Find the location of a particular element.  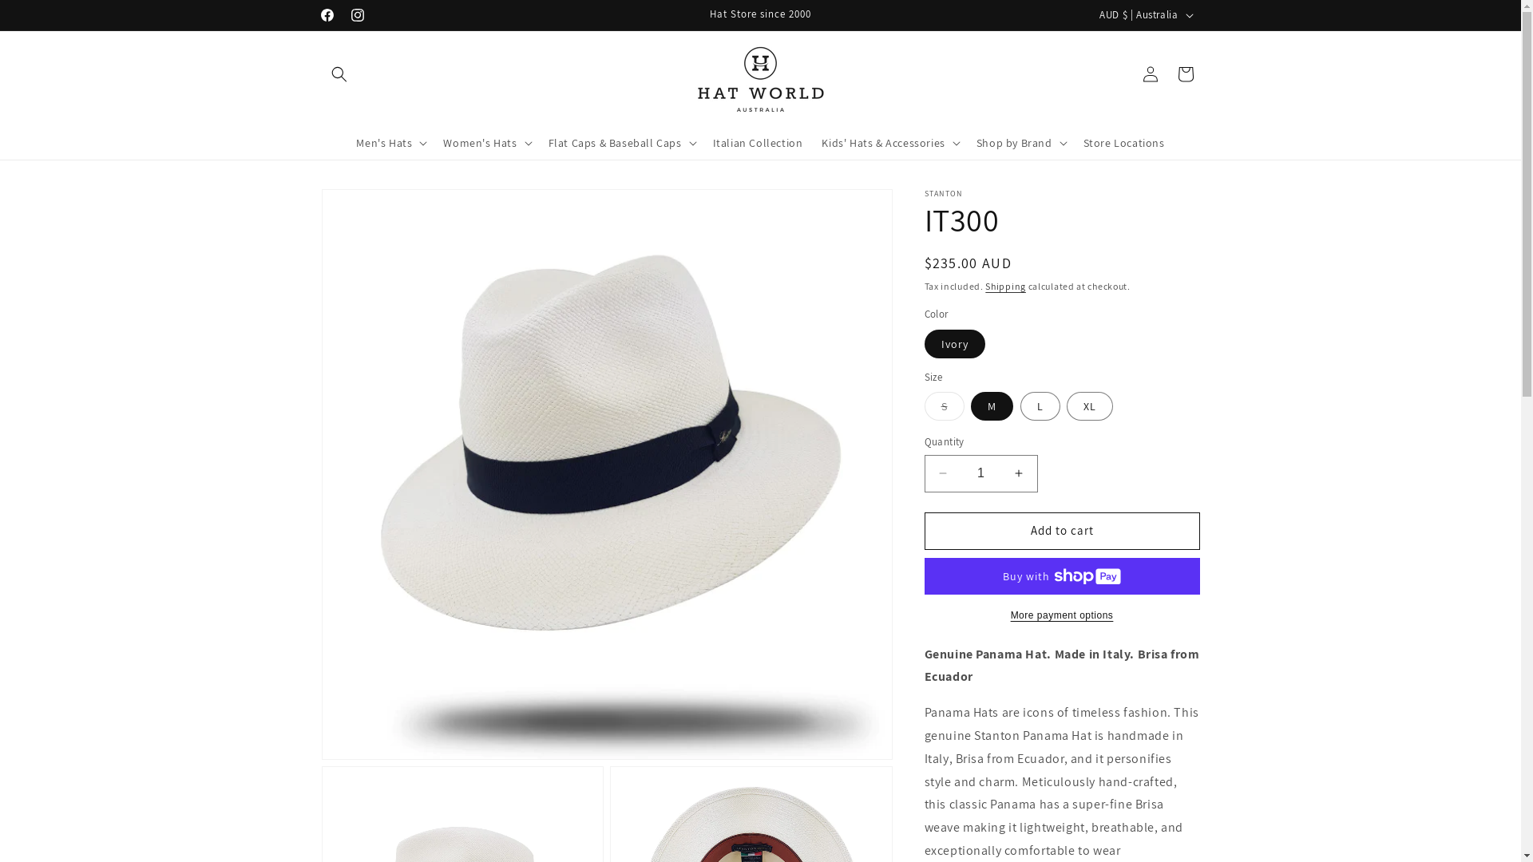

'Shipping' is located at coordinates (1004, 285).